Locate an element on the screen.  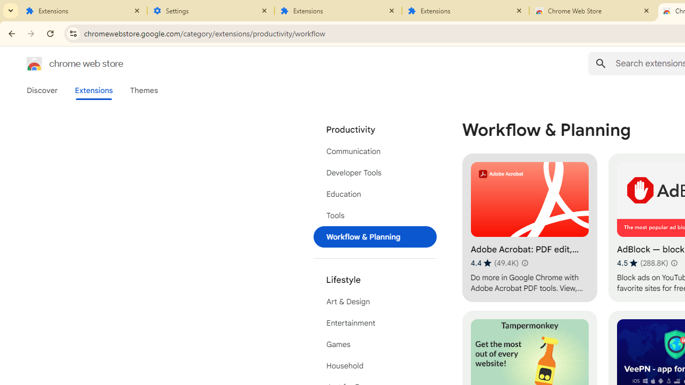
'Entertainment' is located at coordinates (375, 322).